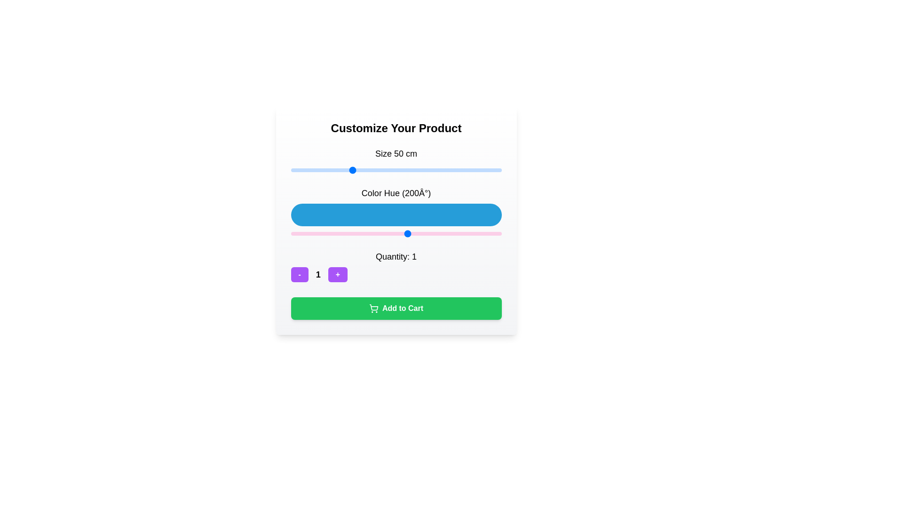  What do you see at coordinates (396, 214) in the screenshot?
I see `the non-interactive graphical component that serves as a visual cue for the selected color or hue, located below the label 'Color Hue (200°)' and above a pink horizontal slider` at bounding box center [396, 214].